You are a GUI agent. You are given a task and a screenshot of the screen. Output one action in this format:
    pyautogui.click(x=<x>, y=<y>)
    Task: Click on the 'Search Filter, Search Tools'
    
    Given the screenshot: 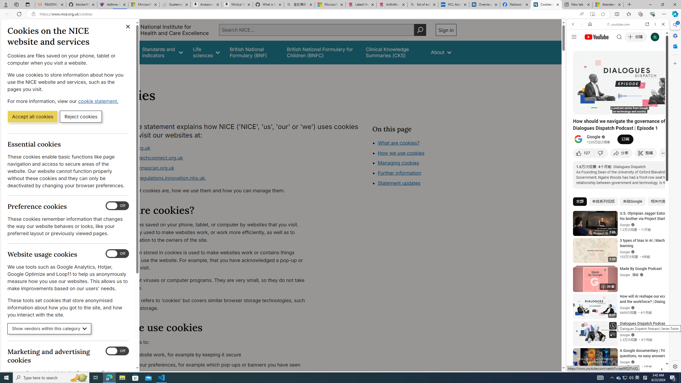 What is the action you would take?
    pyautogui.click(x=631, y=60)
    